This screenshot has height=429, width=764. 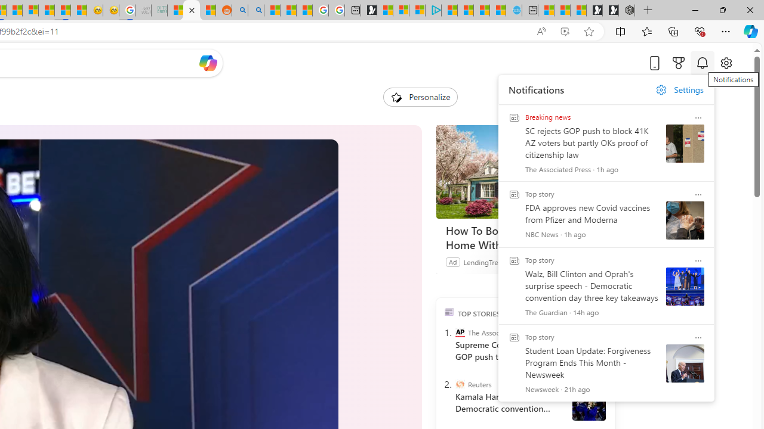 I want to click on 'DITOGAMES AG Imprint - Sleeping', so click(x=158, y=10).